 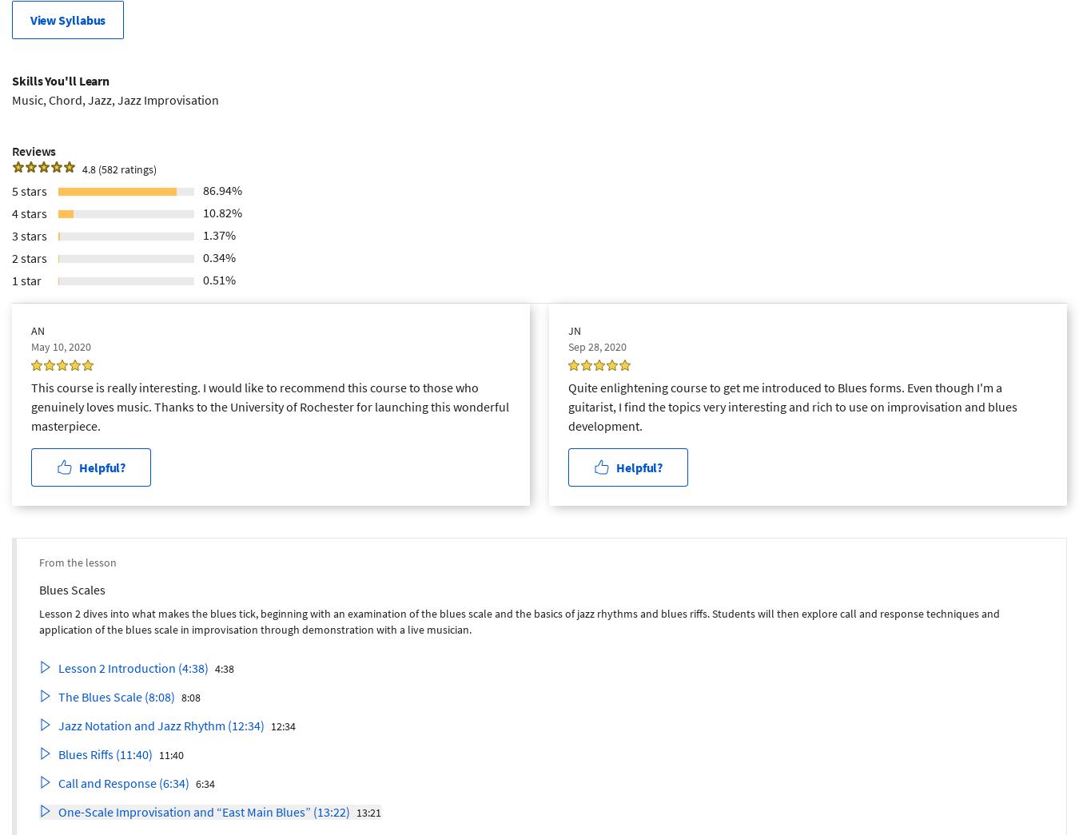 I want to click on '1 star', so click(x=26, y=278).